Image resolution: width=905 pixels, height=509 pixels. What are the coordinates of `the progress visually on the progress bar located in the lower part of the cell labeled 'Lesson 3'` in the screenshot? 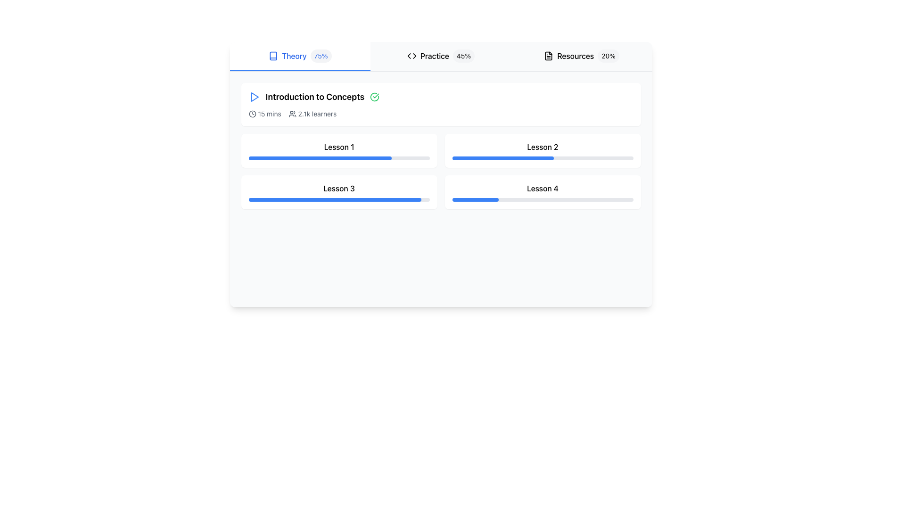 It's located at (335, 199).